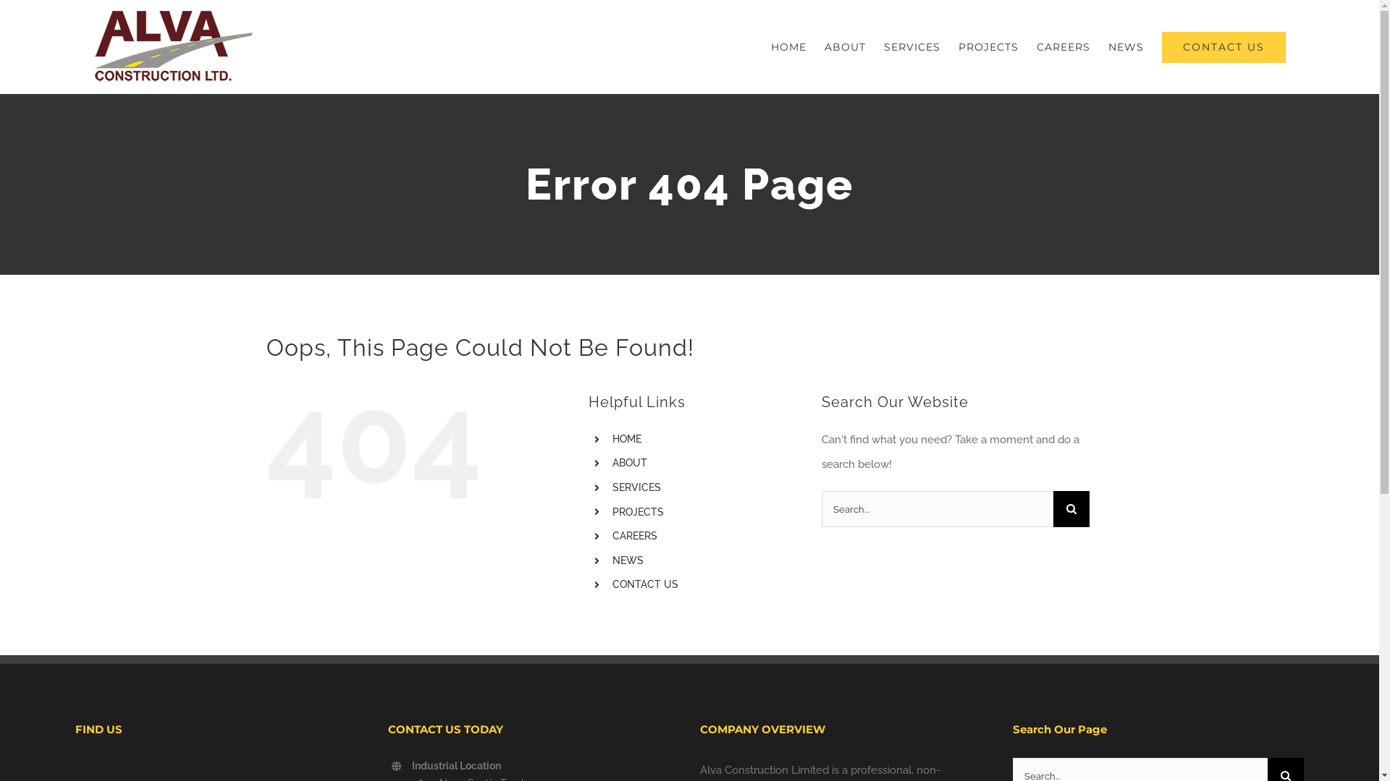 The height and width of the screenshot is (781, 1390). Describe the element at coordinates (636, 487) in the screenshot. I see `'SERVICES'` at that location.